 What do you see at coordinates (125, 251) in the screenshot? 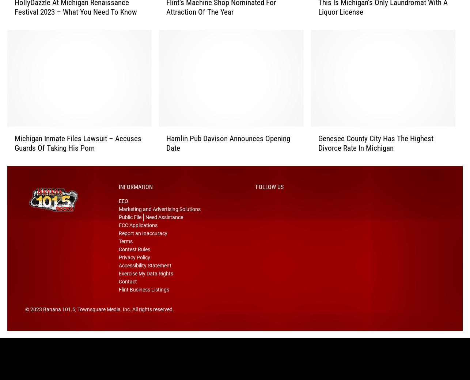
I see `'Terms'` at bounding box center [125, 251].